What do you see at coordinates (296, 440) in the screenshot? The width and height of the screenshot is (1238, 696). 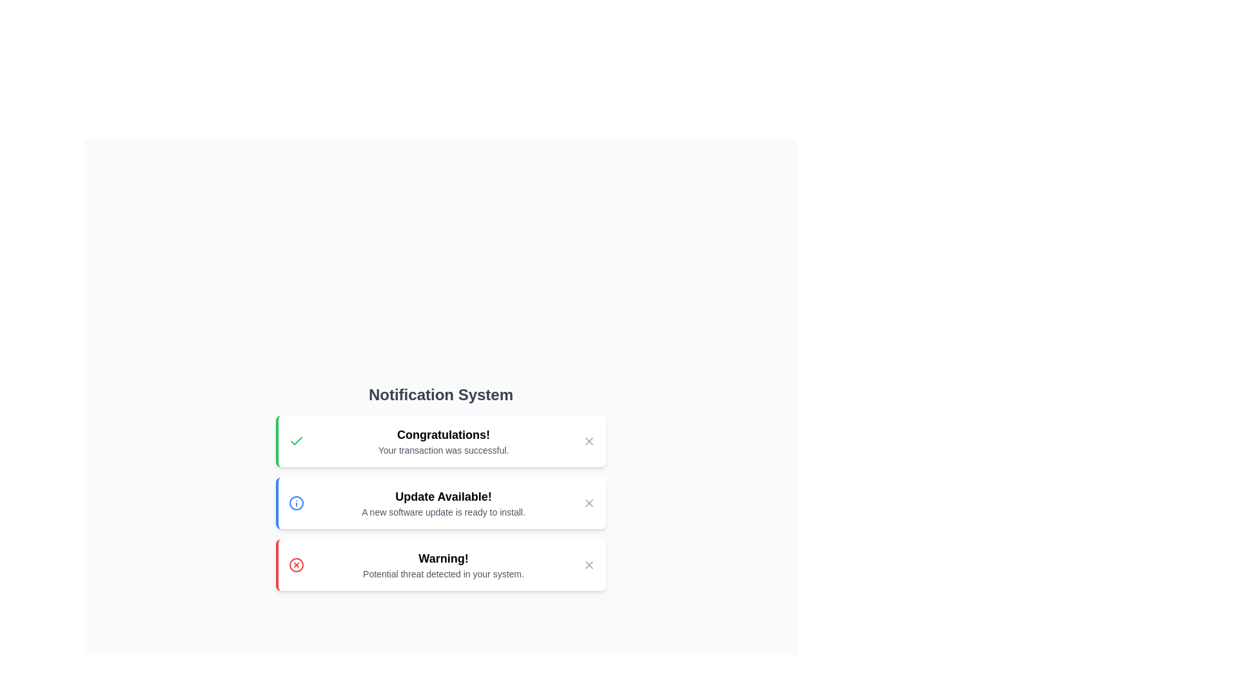 I see `the green checkmark icon that is part of the notification card titled 'Congratulations!' located at the top of a vertical stack of cards` at bounding box center [296, 440].